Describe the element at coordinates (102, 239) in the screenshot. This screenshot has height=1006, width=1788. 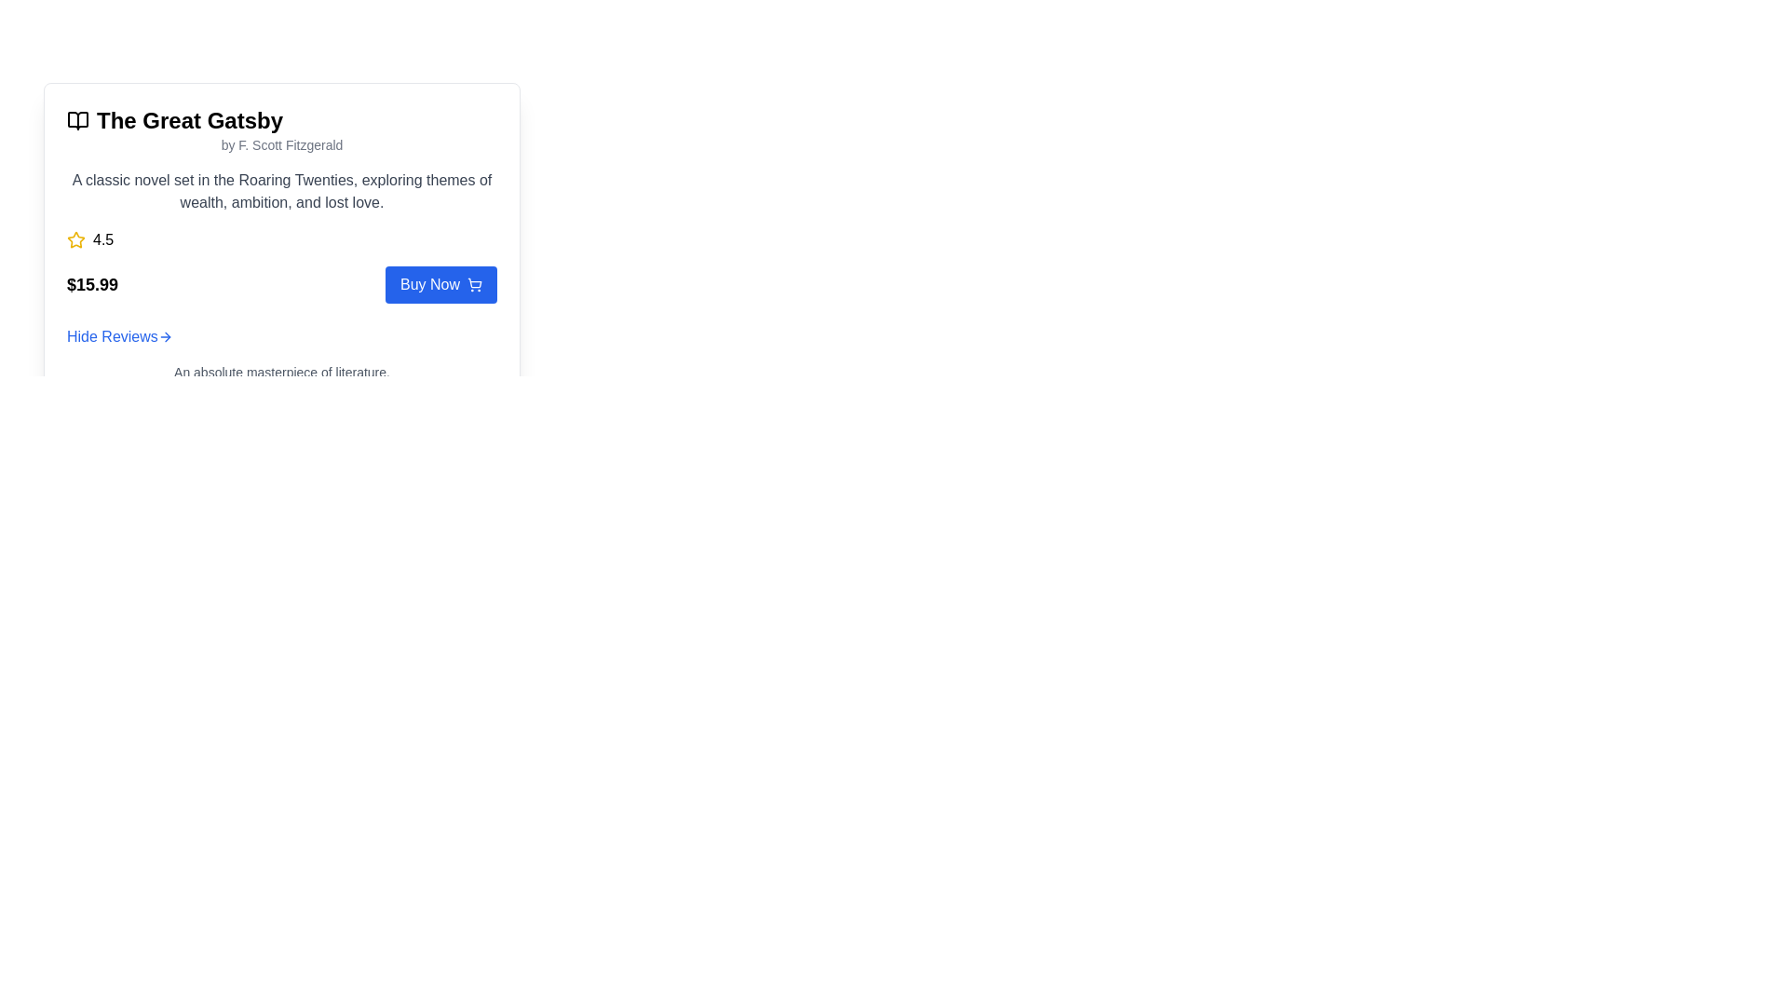
I see `text label displaying the rating score of 4.5, which is positioned to the right of a yellow star icon in the review section` at that location.